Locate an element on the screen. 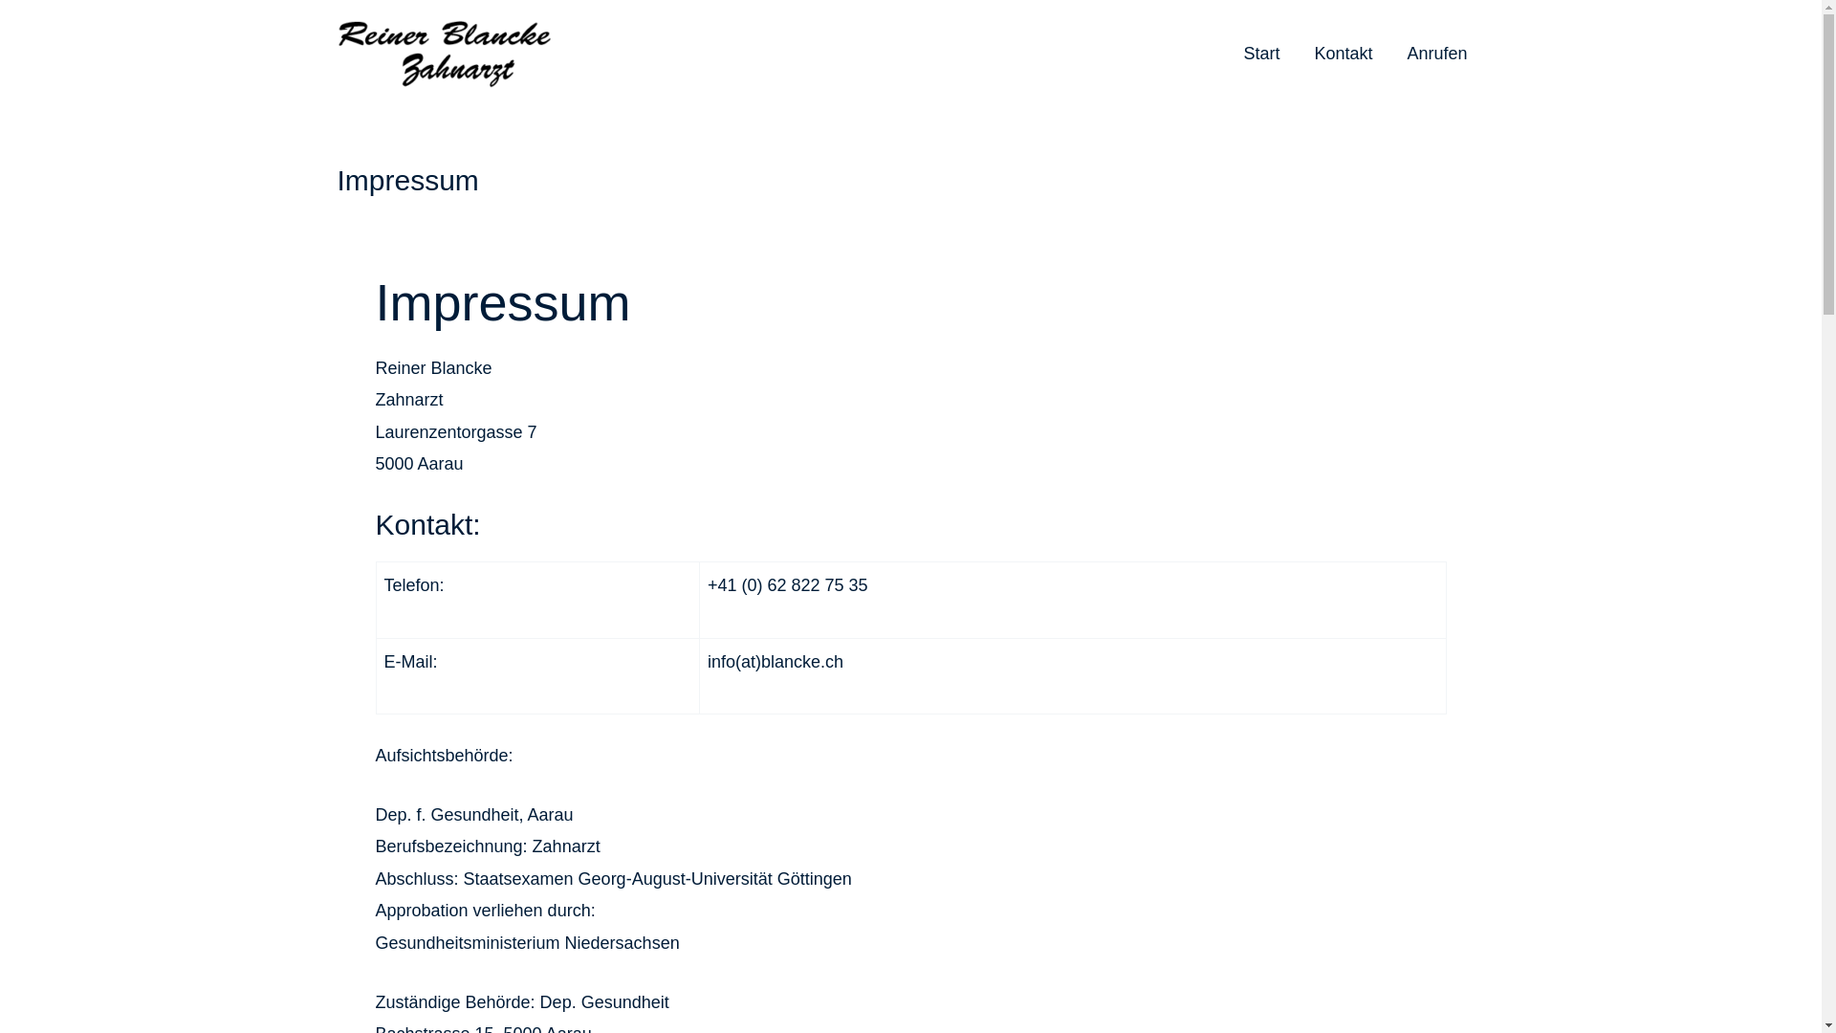  'Start' is located at coordinates (1261, 53).